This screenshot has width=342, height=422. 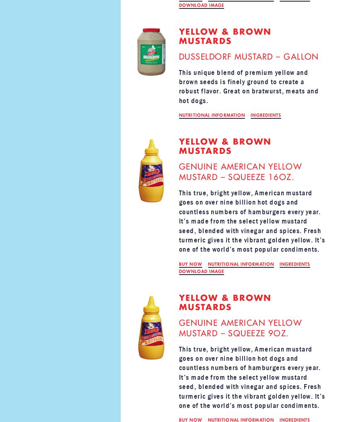 I want to click on 'This unique blend of premium yellow and brown seeds is finely ground to create a robust flavor. Great on bratwurst, meats and hot dogs.', so click(x=248, y=86).